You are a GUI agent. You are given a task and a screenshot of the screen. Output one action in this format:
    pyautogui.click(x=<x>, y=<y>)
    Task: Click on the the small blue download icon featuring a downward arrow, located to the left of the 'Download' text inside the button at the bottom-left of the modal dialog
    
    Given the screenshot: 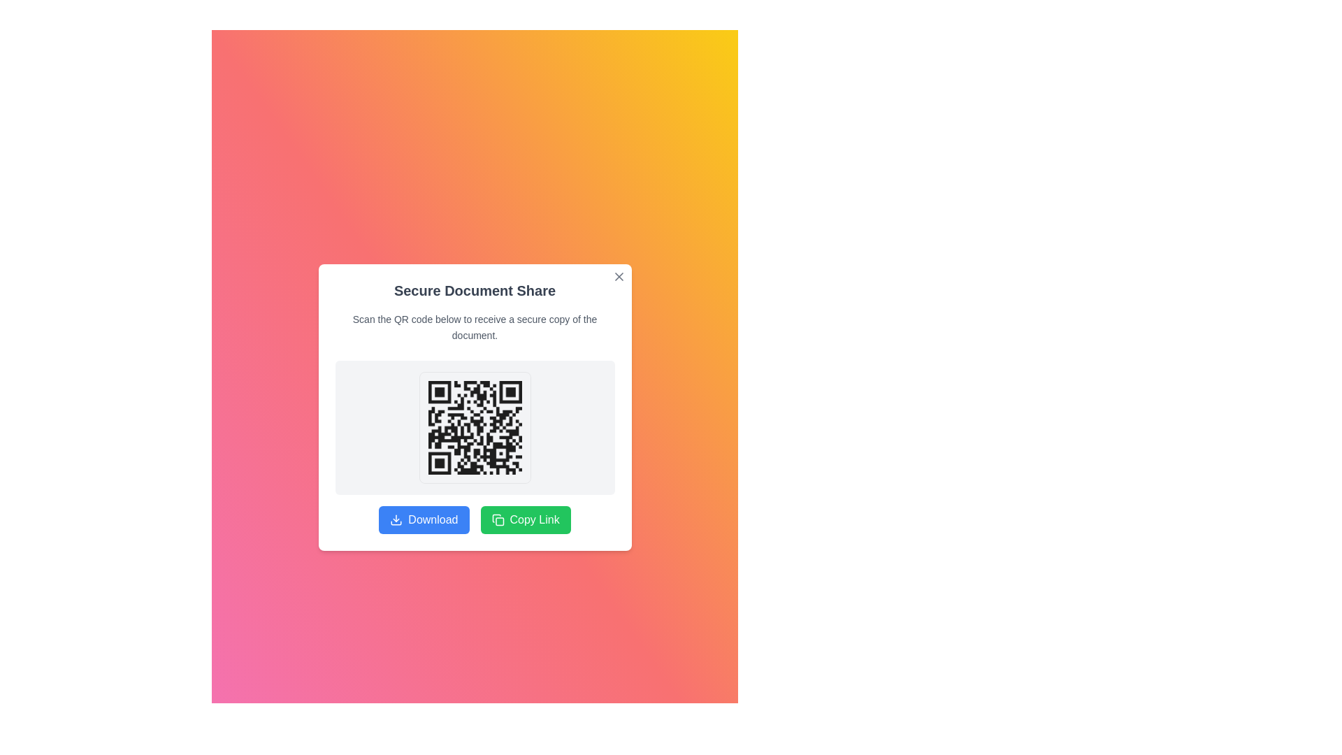 What is the action you would take?
    pyautogui.click(x=396, y=519)
    